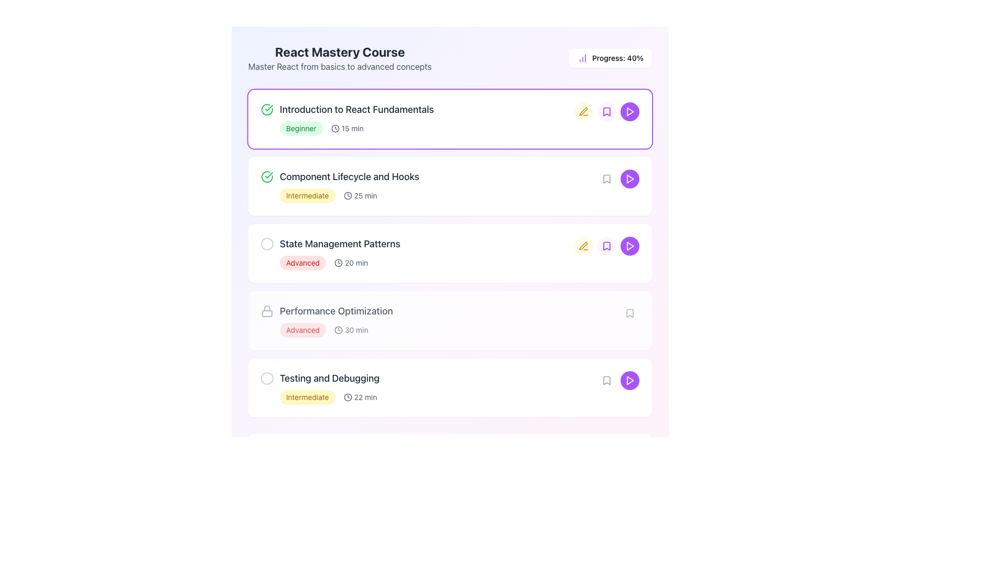  Describe the element at coordinates (348, 397) in the screenshot. I see `the circular clock icon located to the left of the '15 min' text underneath 'Introduction to React Fundamentals'` at that location.